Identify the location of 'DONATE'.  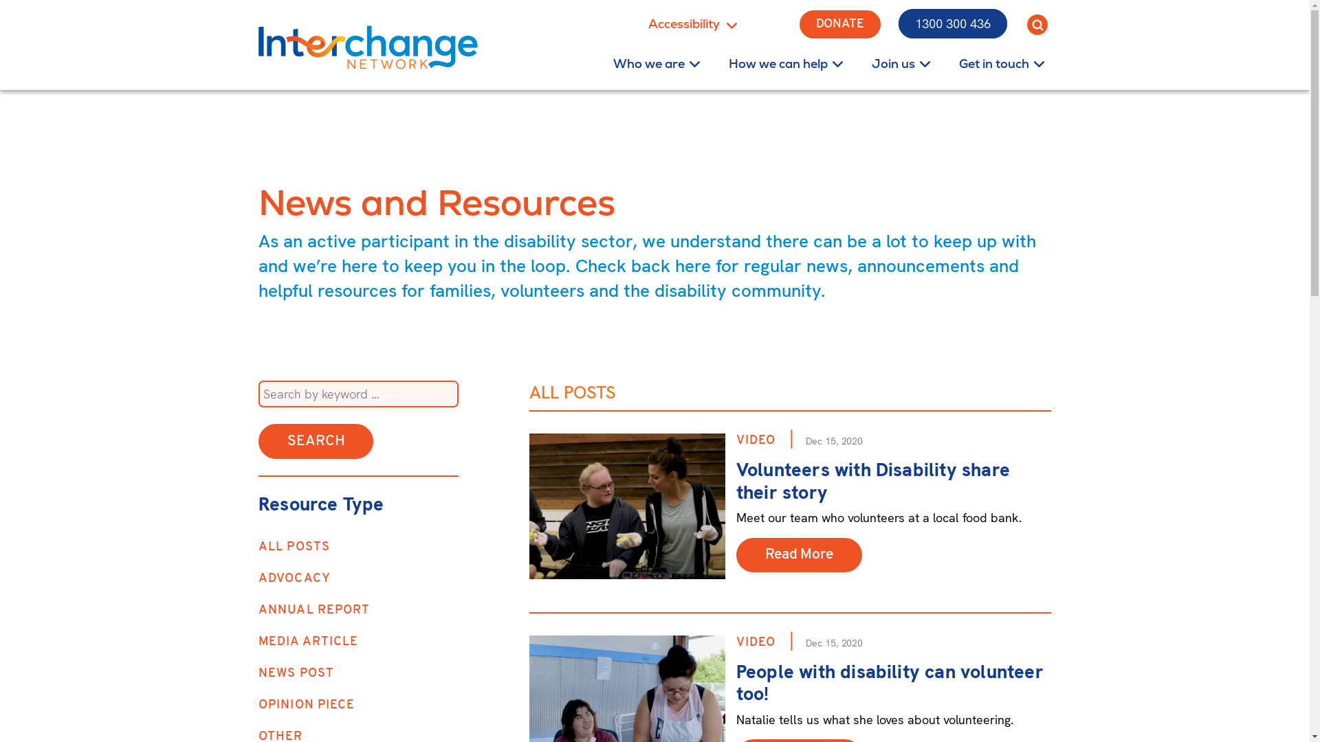
(839, 23).